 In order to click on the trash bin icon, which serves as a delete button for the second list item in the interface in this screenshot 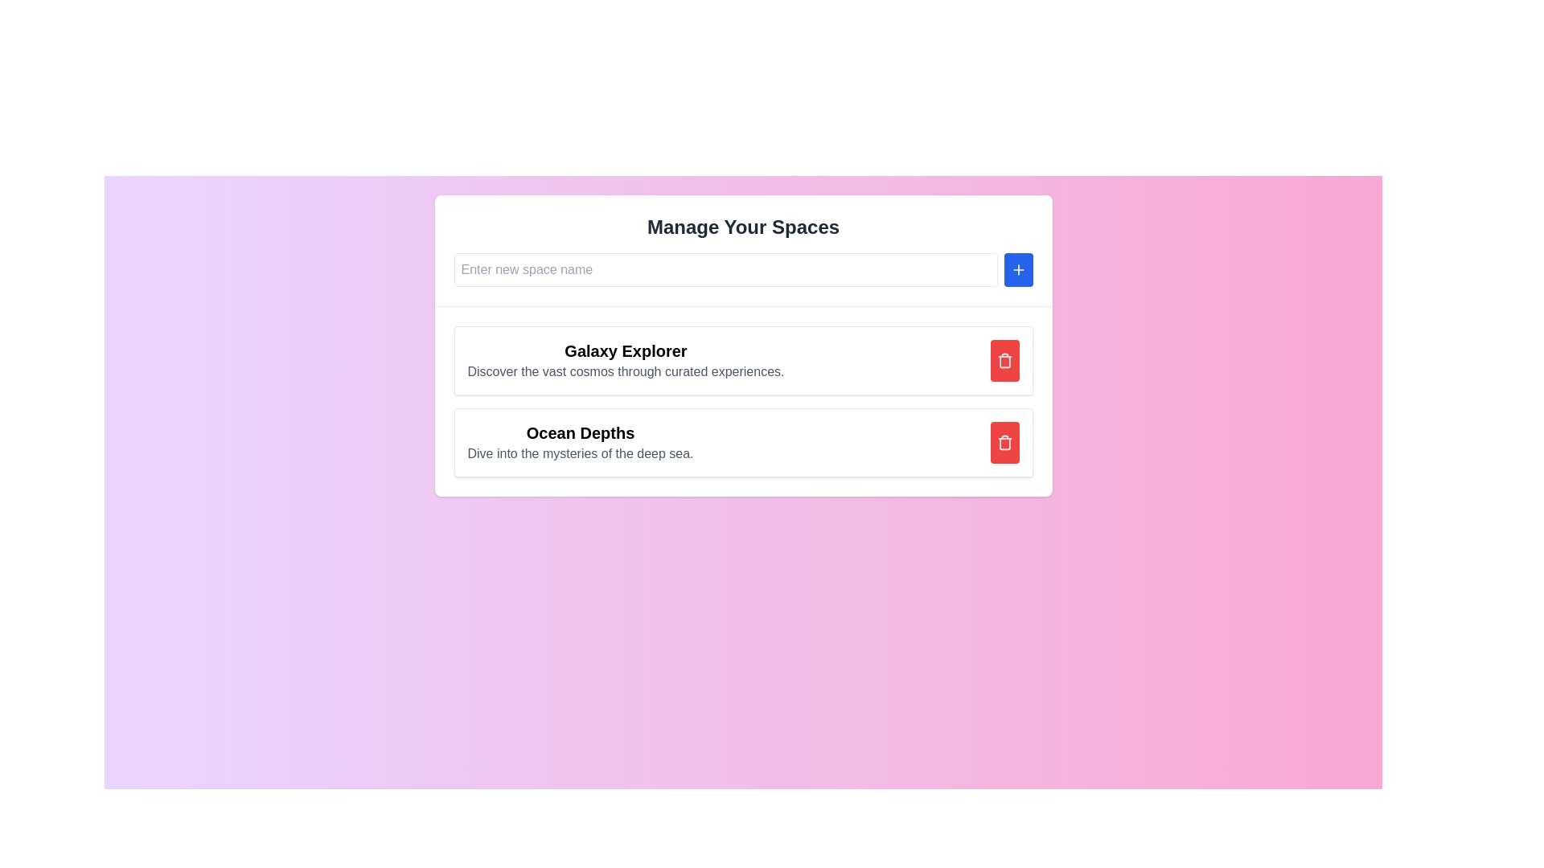, I will do `click(1004, 444)`.